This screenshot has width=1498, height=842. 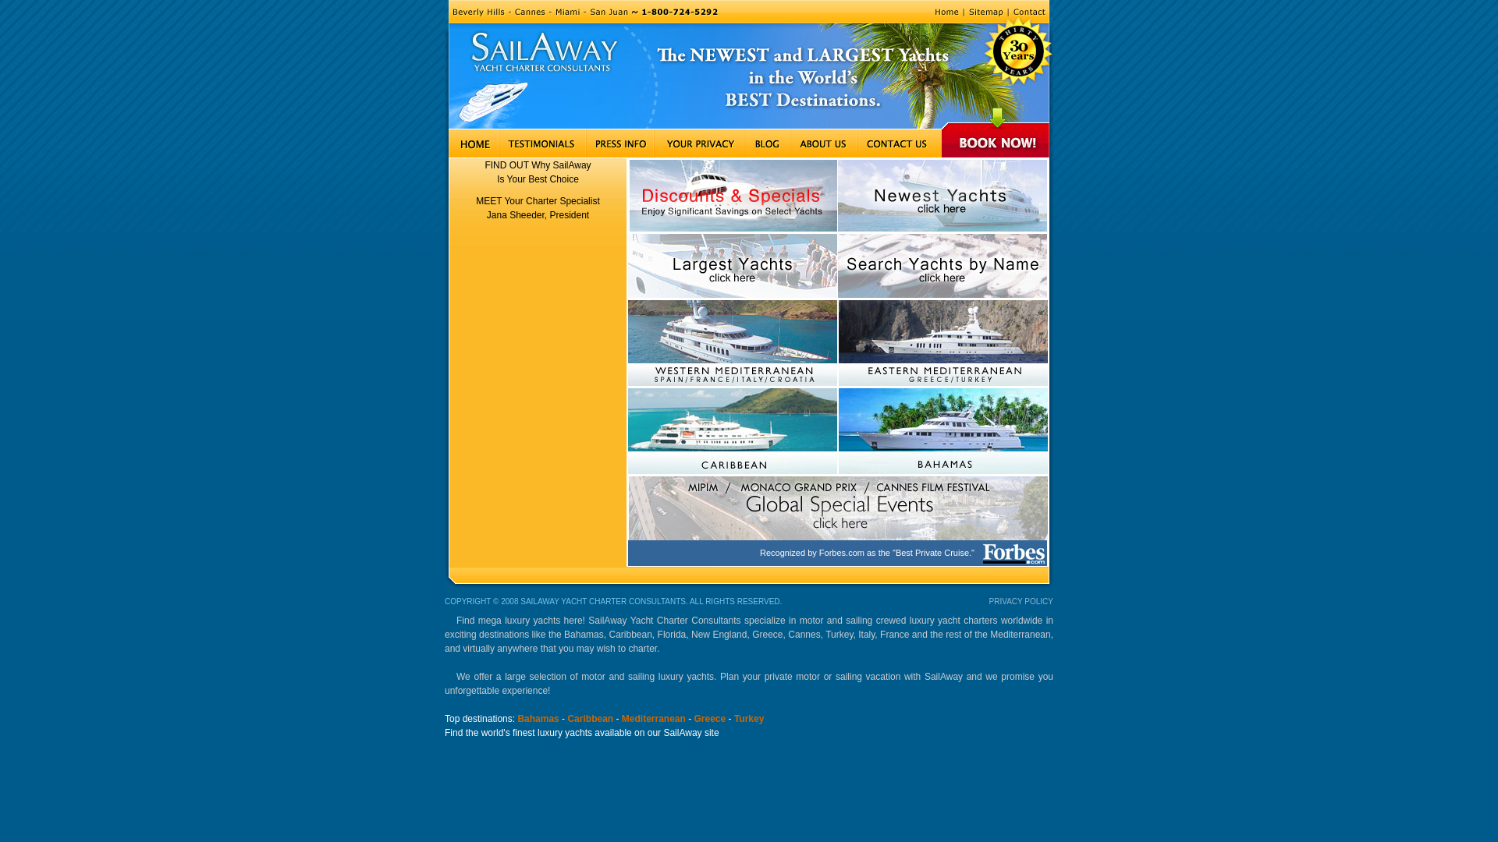 What do you see at coordinates (942, 264) in the screenshot?
I see `'Search Yachts by Name'` at bounding box center [942, 264].